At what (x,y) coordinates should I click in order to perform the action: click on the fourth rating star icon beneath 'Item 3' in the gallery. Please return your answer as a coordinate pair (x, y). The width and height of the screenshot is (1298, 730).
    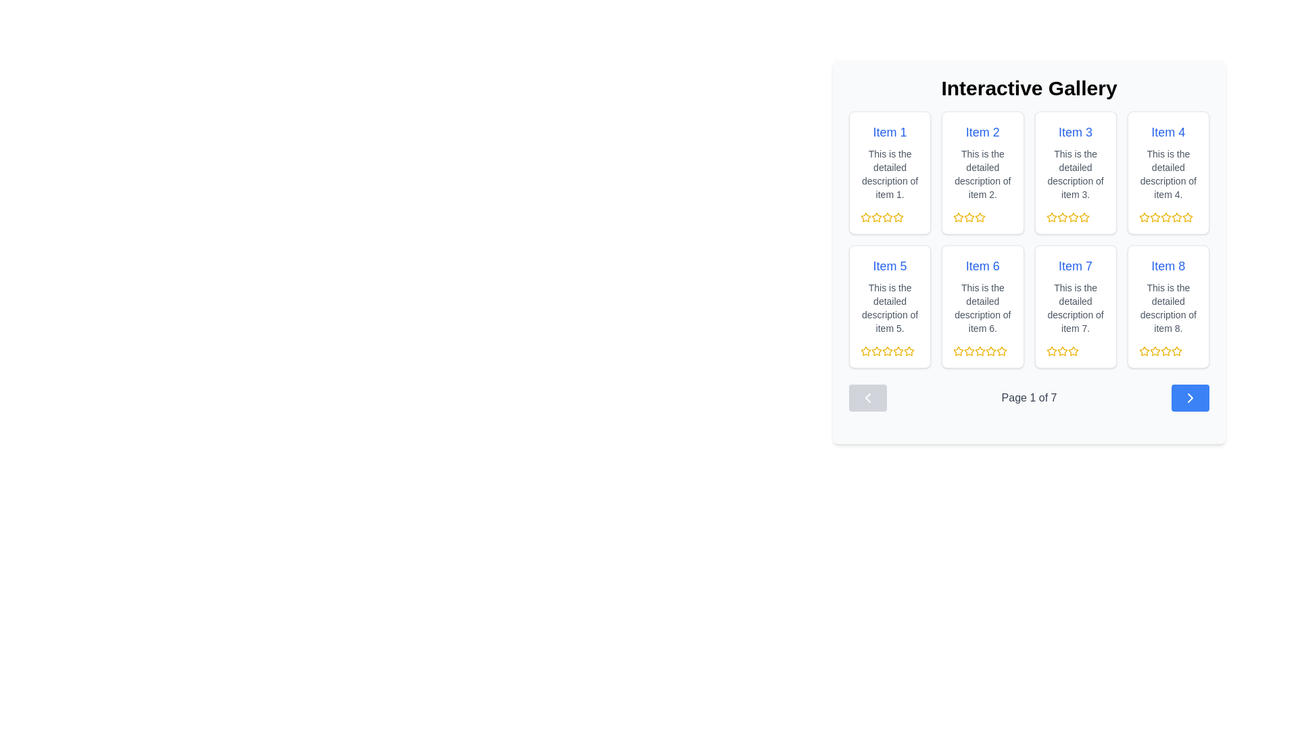
    Looking at the image, I should click on (1072, 216).